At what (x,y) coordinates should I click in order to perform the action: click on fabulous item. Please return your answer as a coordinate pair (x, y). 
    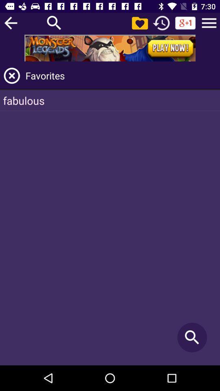
    Looking at the image, I should click on (110, 100).